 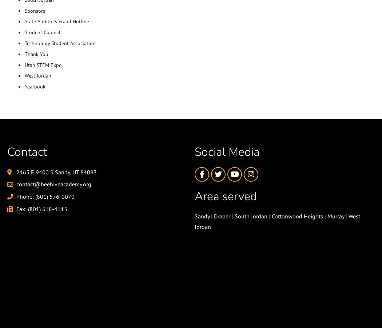 I want to click on 'Murray', so click(x=327, y=216).